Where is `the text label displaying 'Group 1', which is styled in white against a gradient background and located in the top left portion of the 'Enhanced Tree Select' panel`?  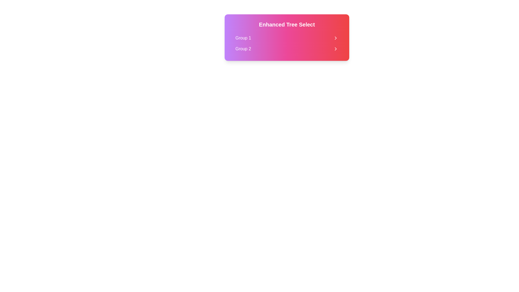
the text label displaying 'Group 1', which is styled in white against a gradient background and located in the top left portion of the 'Enhanced Tree Select' panel is located at coordinates (243, 38).